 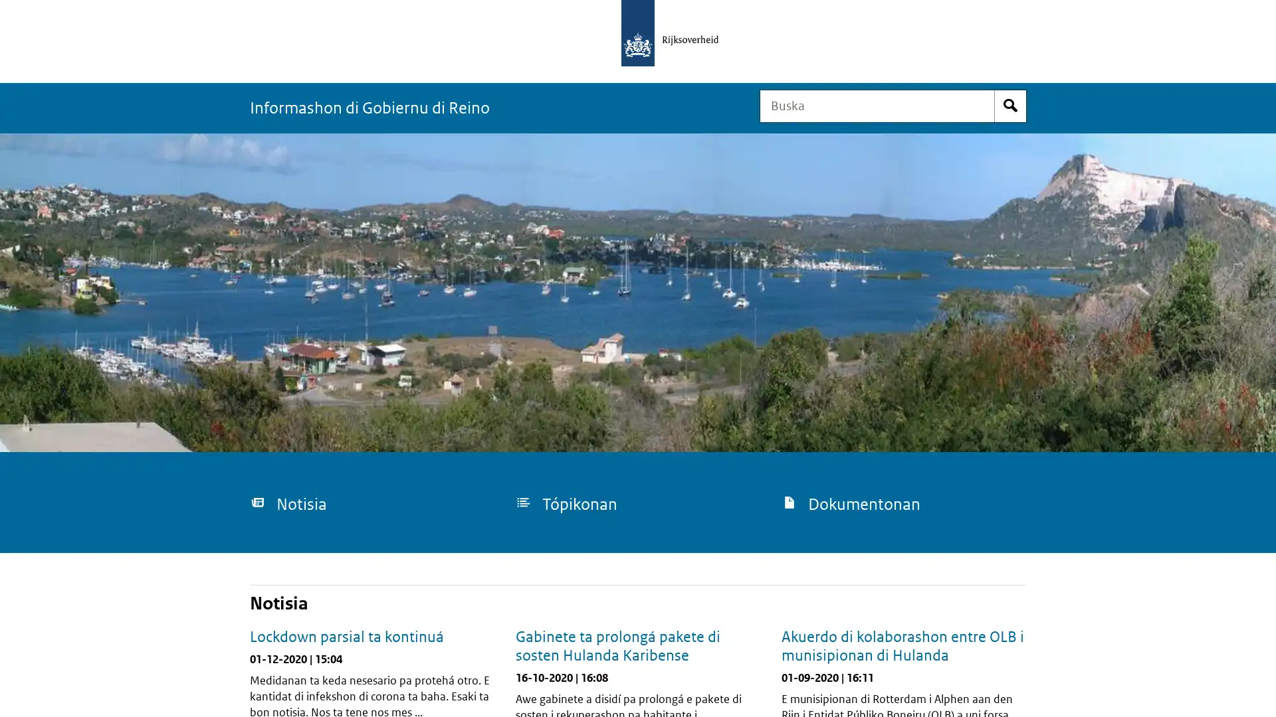 I want to click on kuminsa buska, so click(x=1010, y=105).